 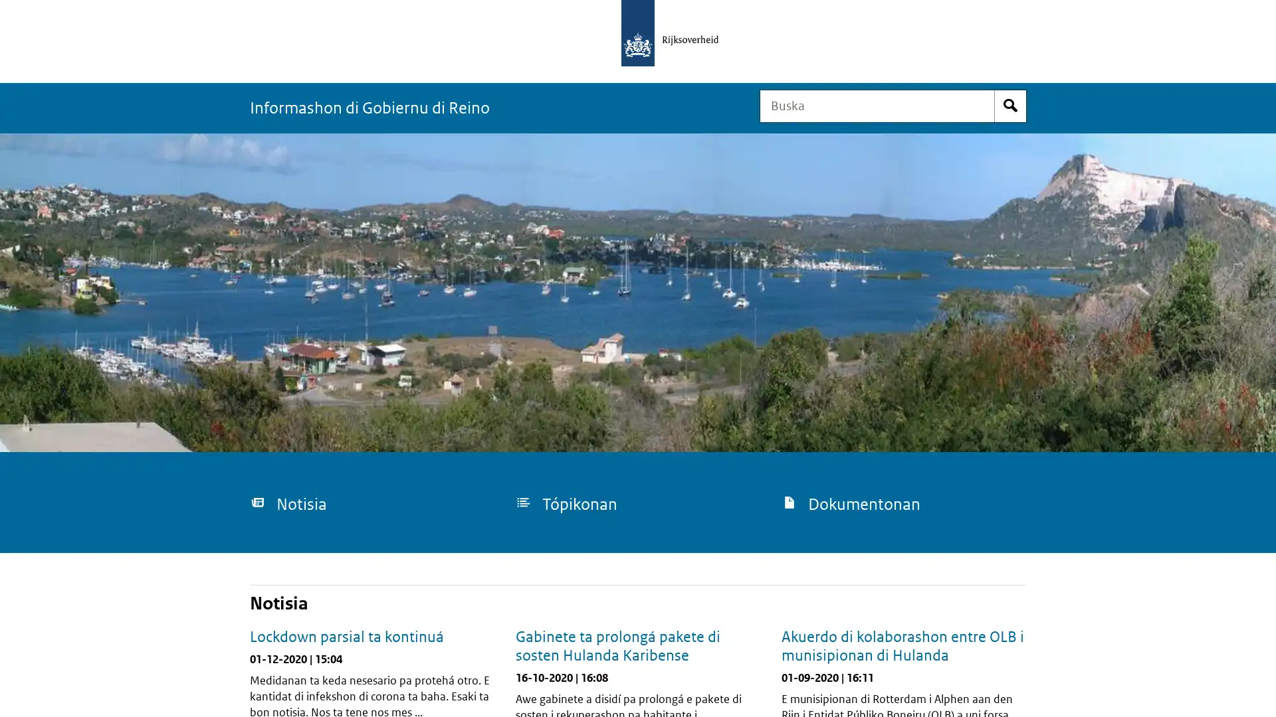 I want to click on kuminsa buska, so click(x=1010, y=105).